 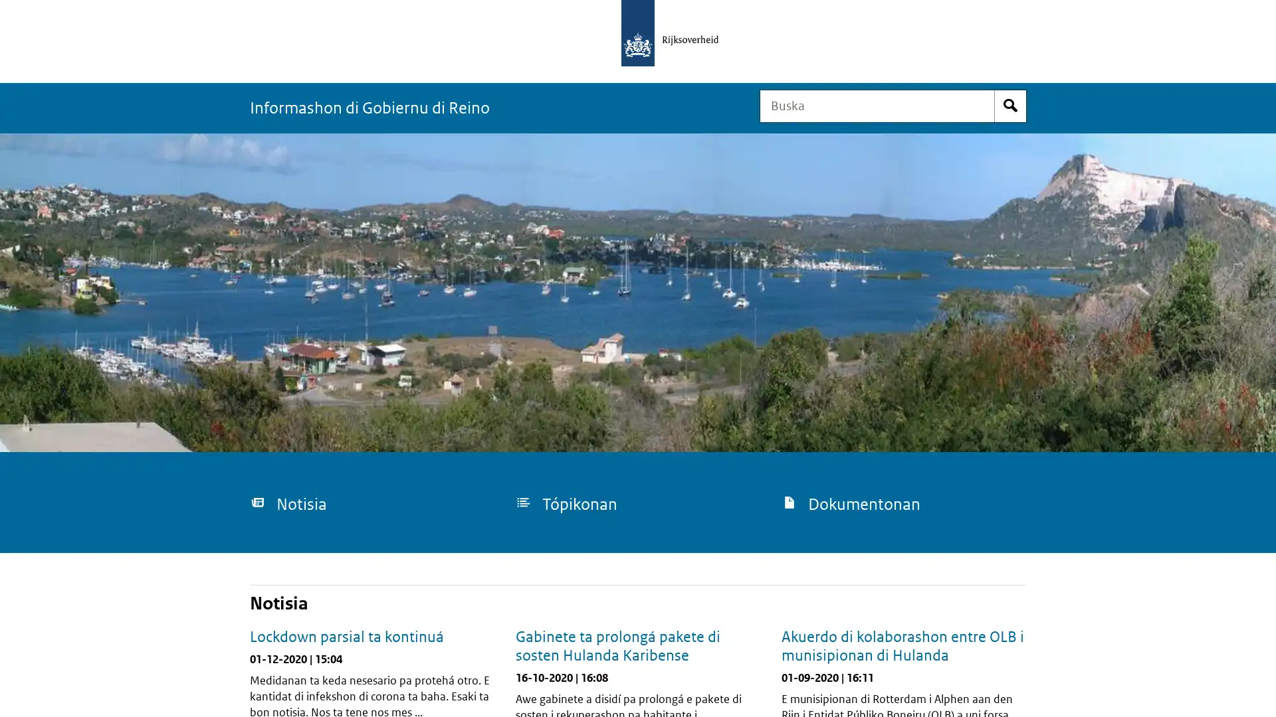 I want to click on kuminsa buska, so click(x=1010, y=105).